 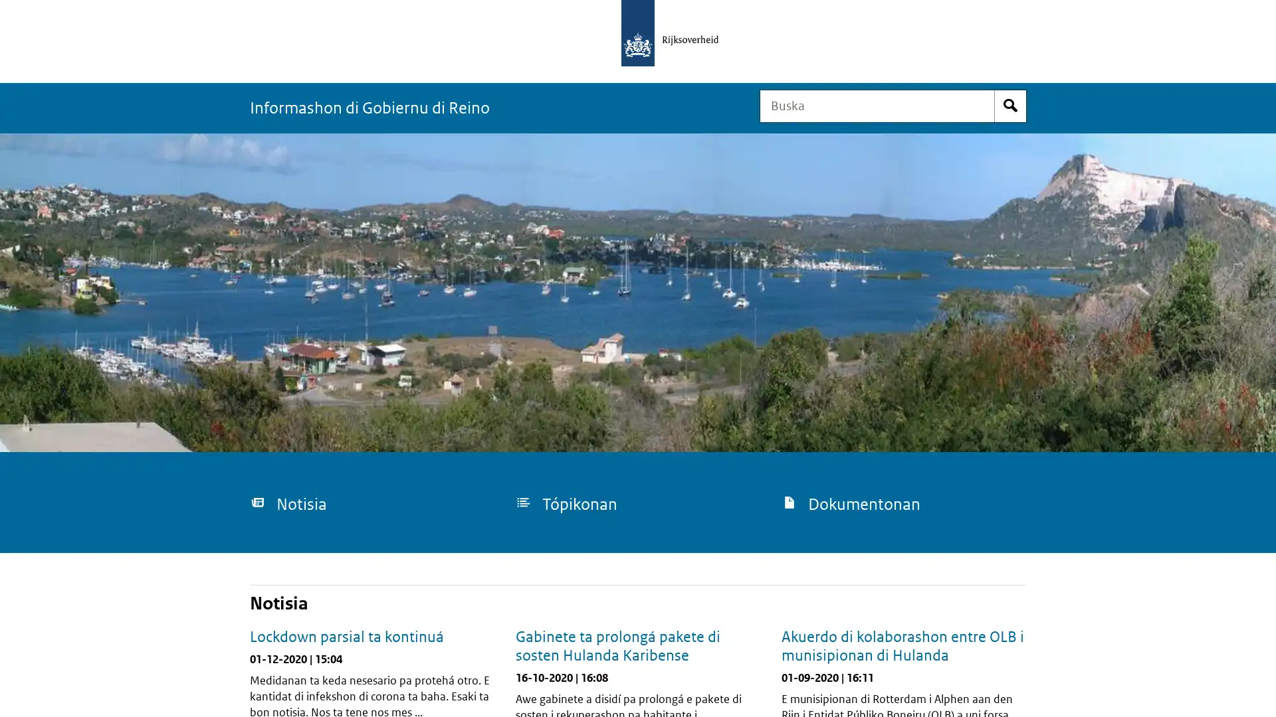 I want to click on kuminsa buska, so click(x=1010, y=105).